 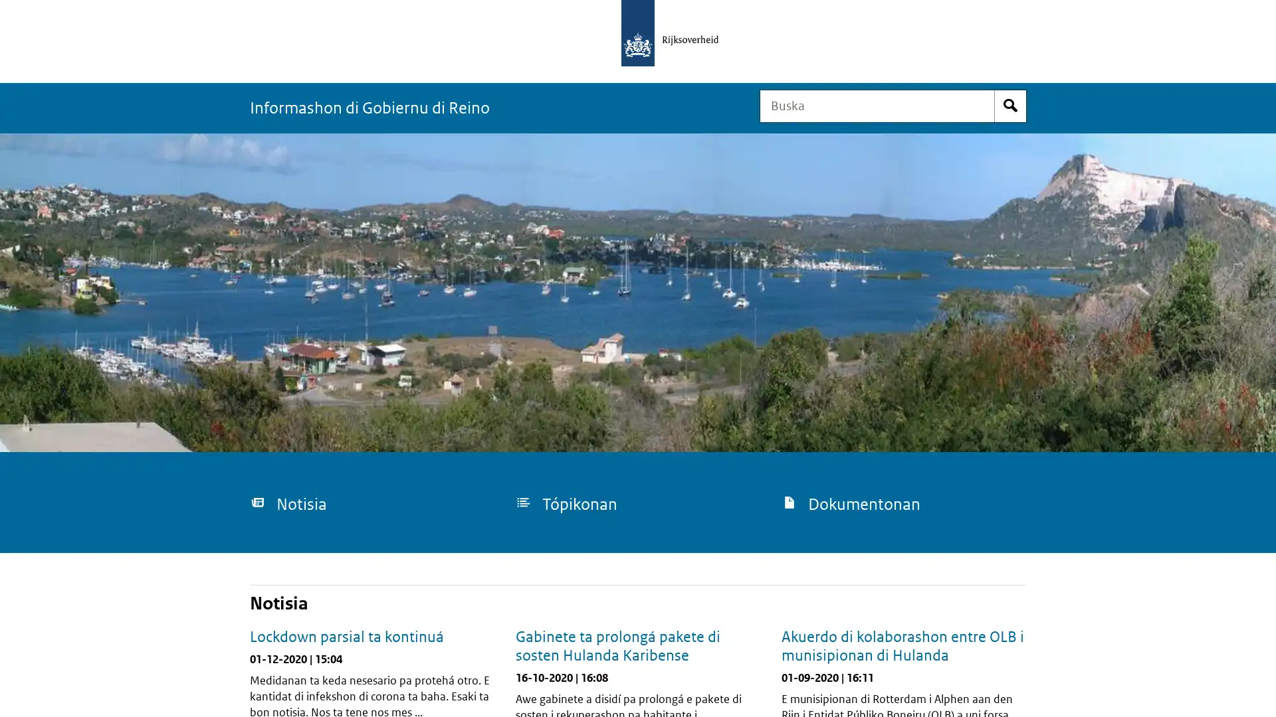 I want to click on kuminsa buska, so click(x=1010, y=105).